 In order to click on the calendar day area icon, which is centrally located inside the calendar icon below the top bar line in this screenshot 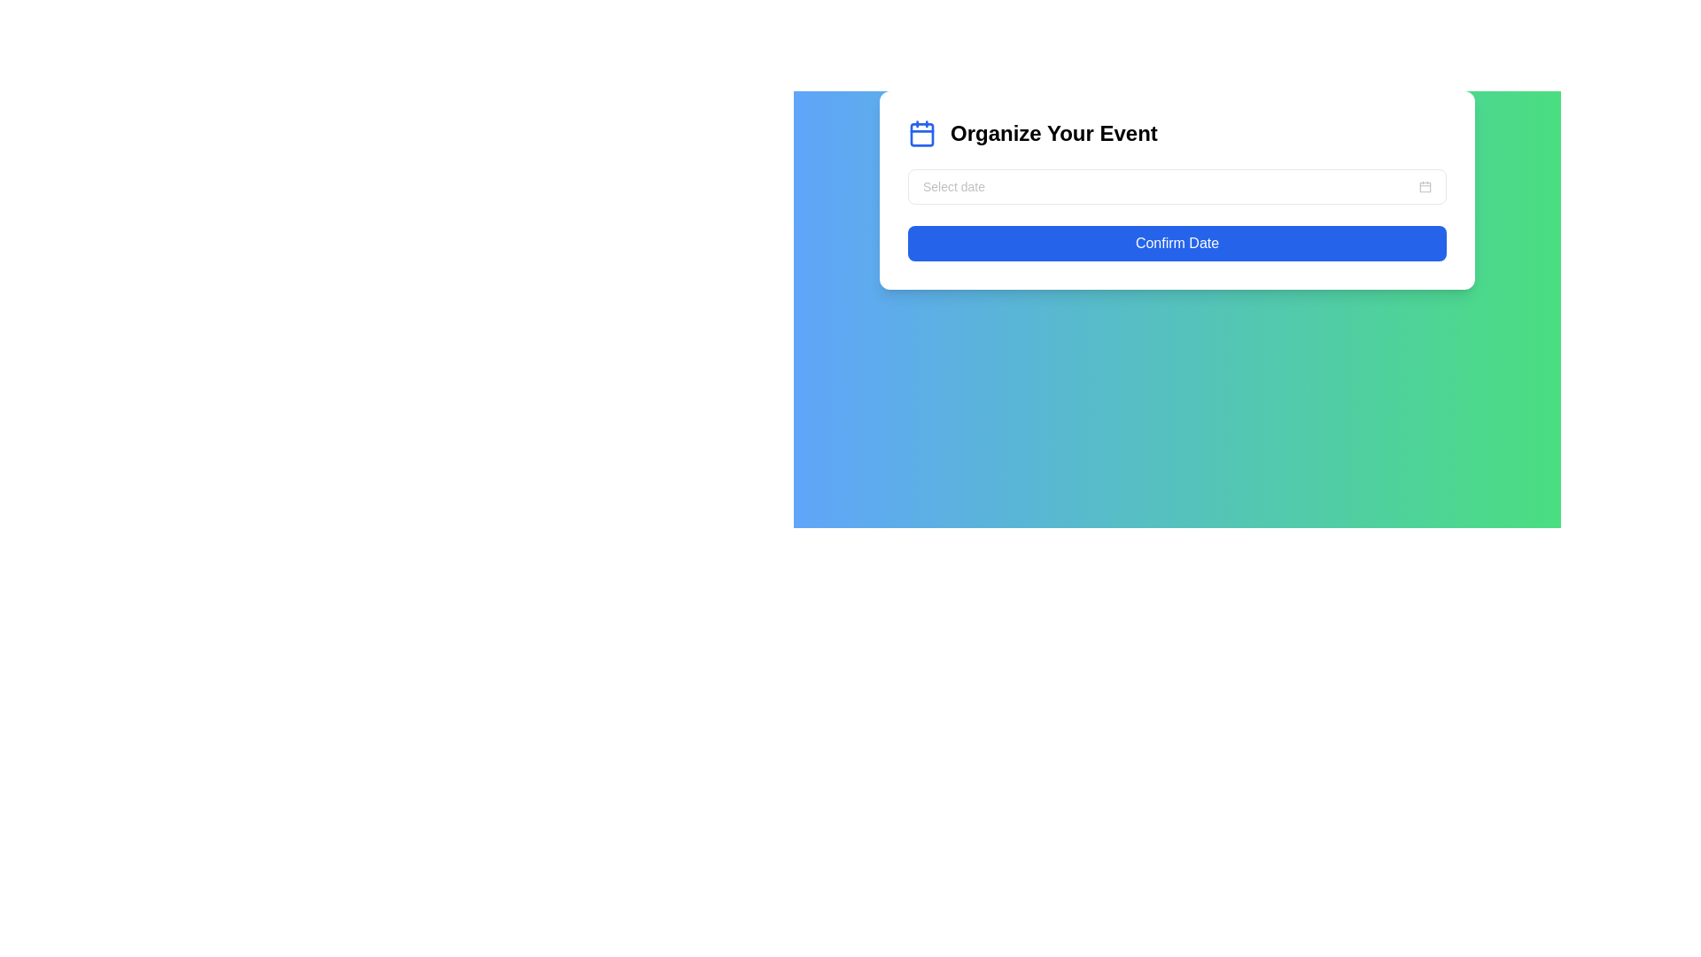, I will do `click(921, 133)`.